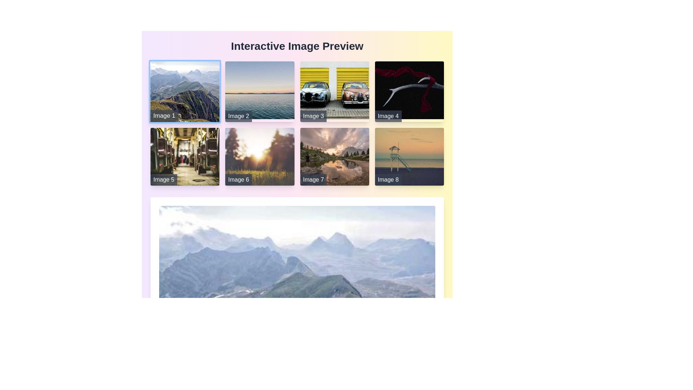 The height and width of the screenshot is (390, 693). What do you see at coordinates (260, 90) in the screenshot?
I see `the image representing a lake during sunset, which is the second item` at bounding box center [260, 90].